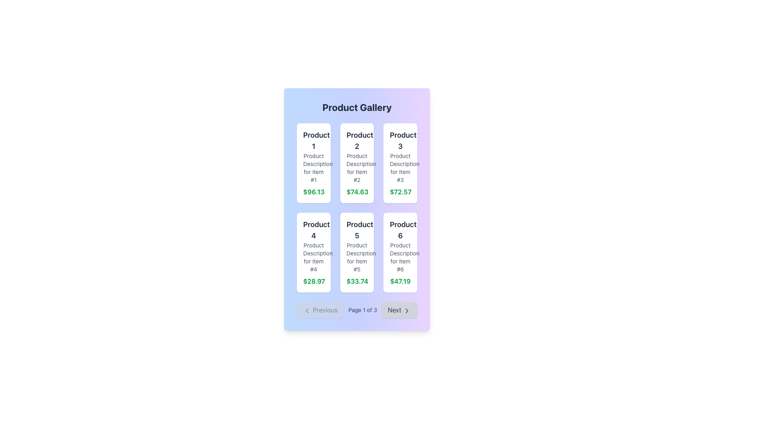 This screenshot has width=766, height=431. Describe the element at coordinates (400, 140) in the screenshot. I see `the 'Product 3' label, which is a bold text component located at the top of a card layout` at that location.